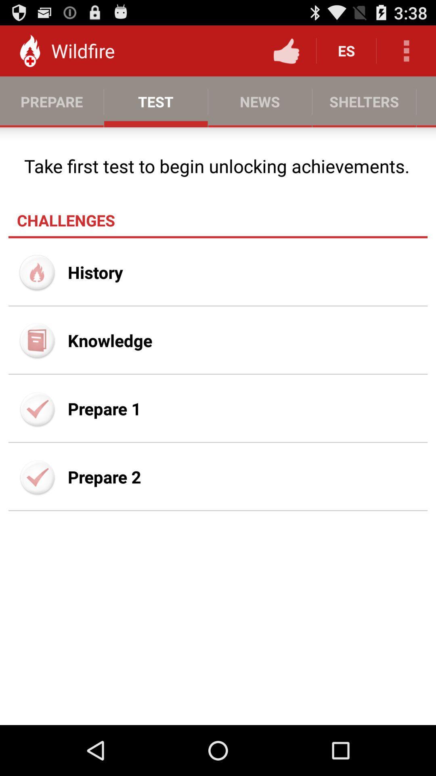 Image resolution: width=436 pixels, height=776 pixels. What do you see at coordinates (406, 50) in the screenshot?
I see `the item to the right of es` at bounding box center [406, 50].